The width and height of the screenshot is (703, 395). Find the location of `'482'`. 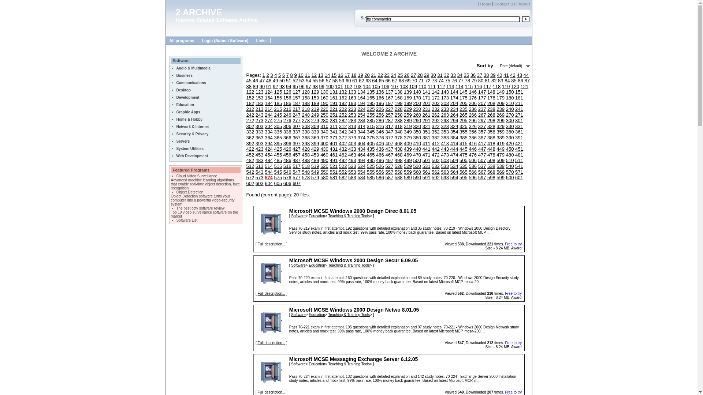

'482' is located at coordinates (246, 160).